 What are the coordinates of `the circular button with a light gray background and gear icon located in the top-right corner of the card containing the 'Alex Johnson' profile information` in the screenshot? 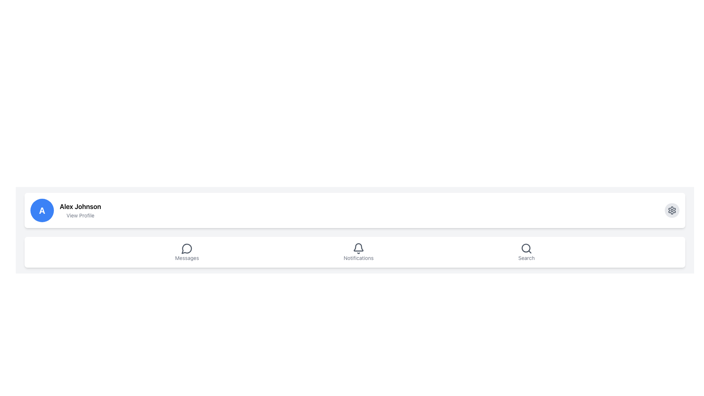 It's located at (672, 210).